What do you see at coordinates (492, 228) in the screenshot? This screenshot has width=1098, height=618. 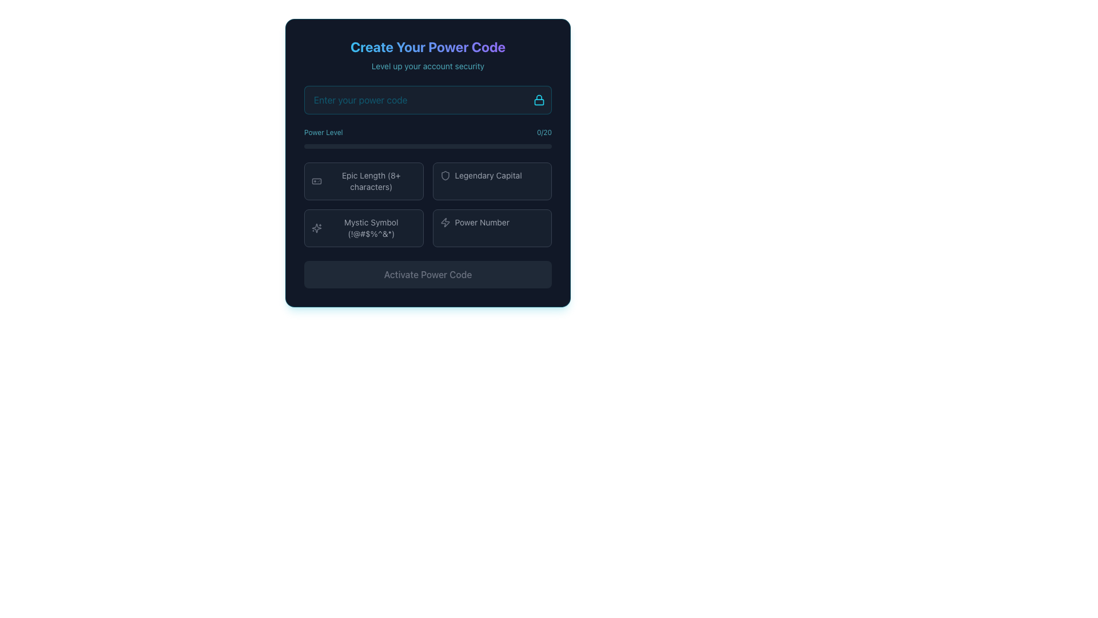 I see `the button in the bottom-right quadrant of the grid layout` at bounding box center [492, 228].